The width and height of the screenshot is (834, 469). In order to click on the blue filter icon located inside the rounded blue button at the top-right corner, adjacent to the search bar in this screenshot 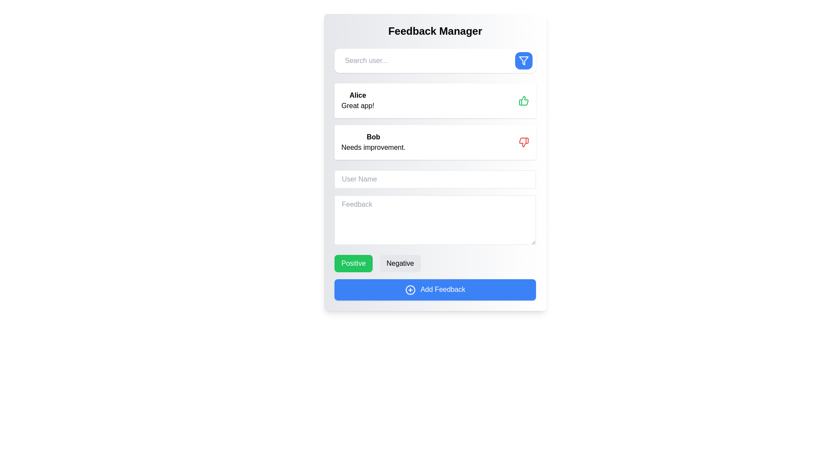, I will do `click(523, 60)`.